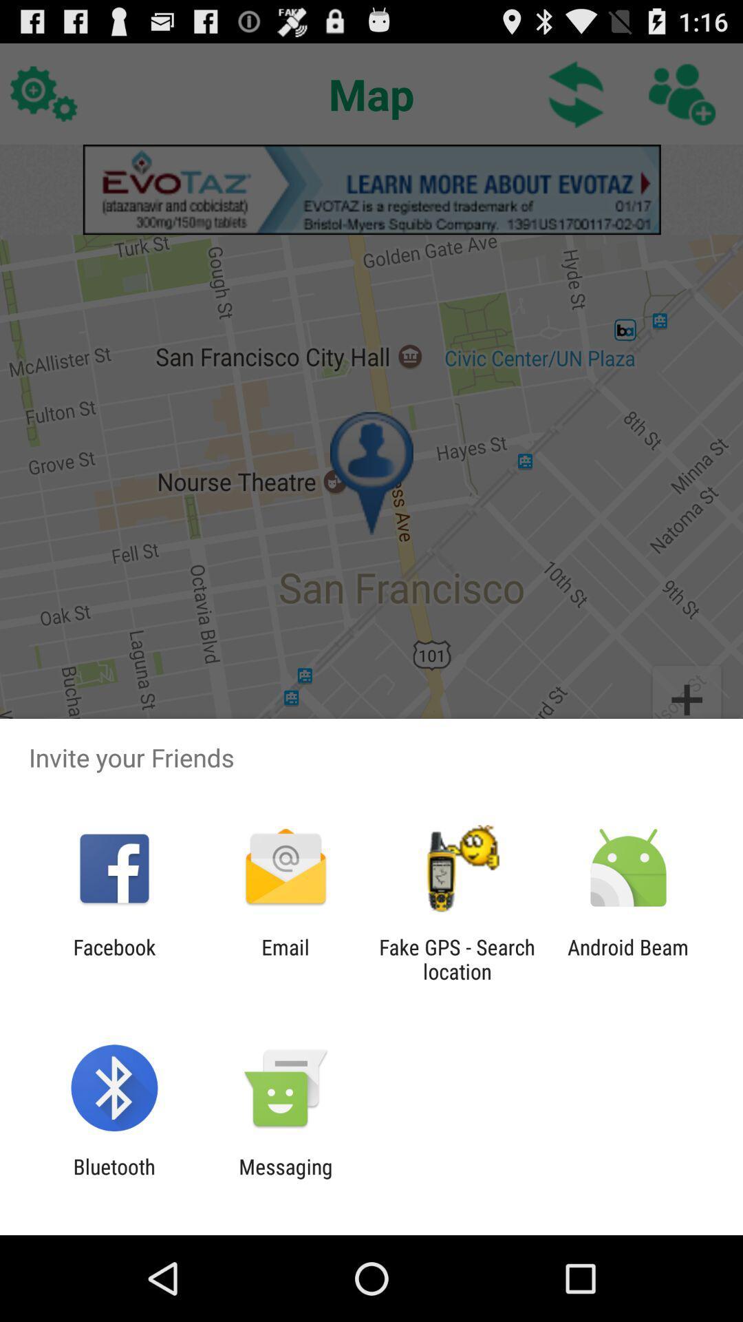  What do you see at coordinates (285, 958) in the screenshot?
I see `email icon` at bounding box center [285, 958].